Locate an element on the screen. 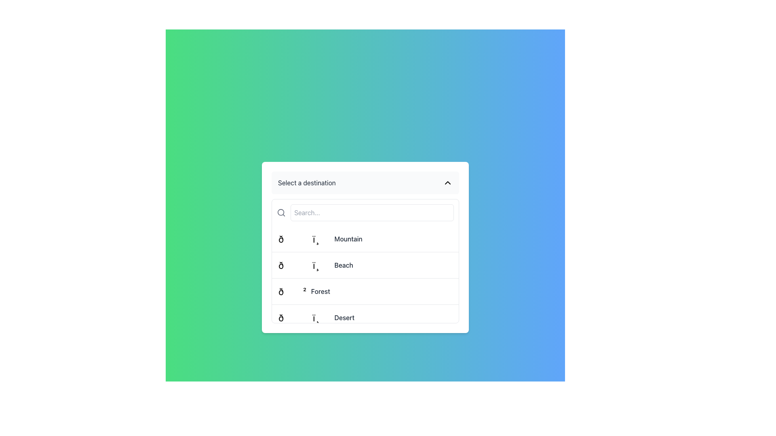 This screenshot has height=436, width=776. the List option displaying 'Mountain' is located at coordinates (365, 238).